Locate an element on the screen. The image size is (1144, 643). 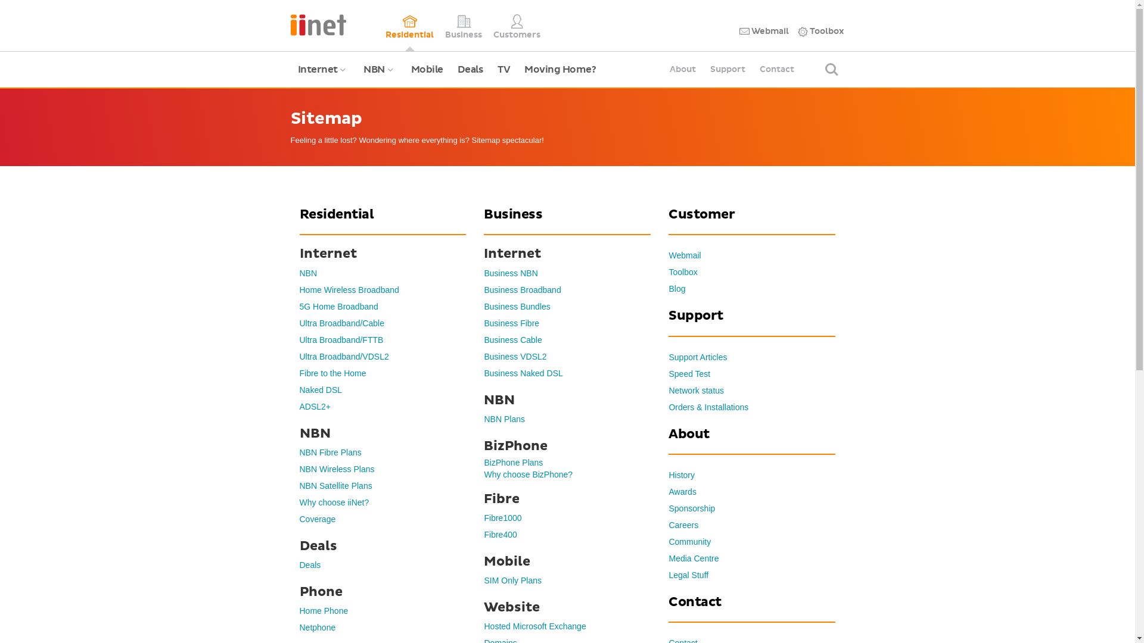
'Blog' is located at coordinates (677, 289).